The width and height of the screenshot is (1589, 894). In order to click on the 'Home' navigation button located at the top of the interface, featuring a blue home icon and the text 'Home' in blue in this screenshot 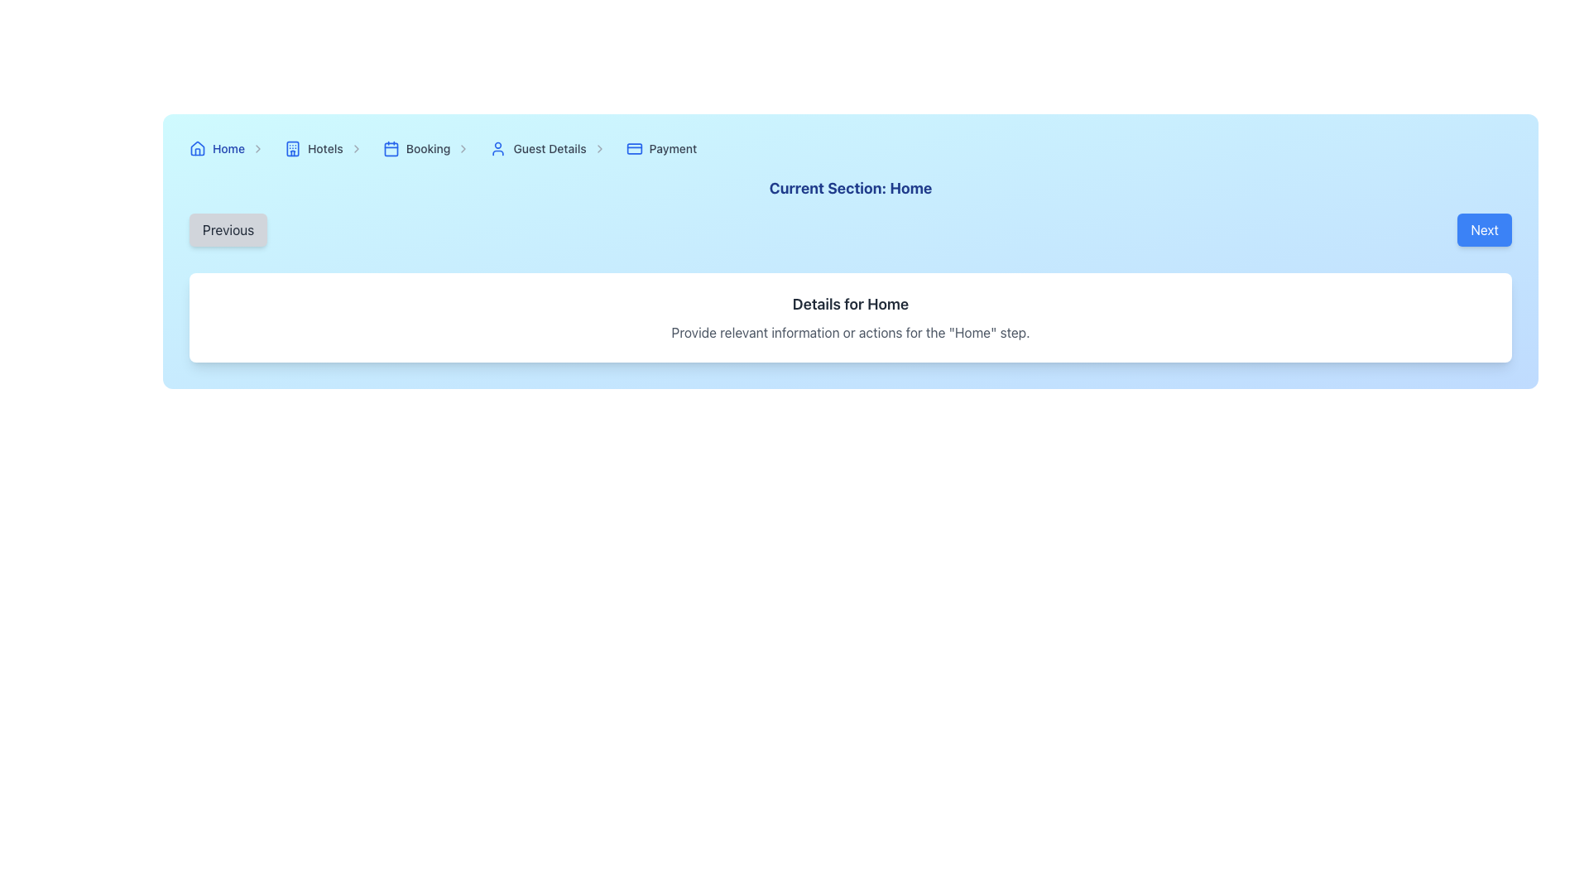, I will do `click(229, 149)`.